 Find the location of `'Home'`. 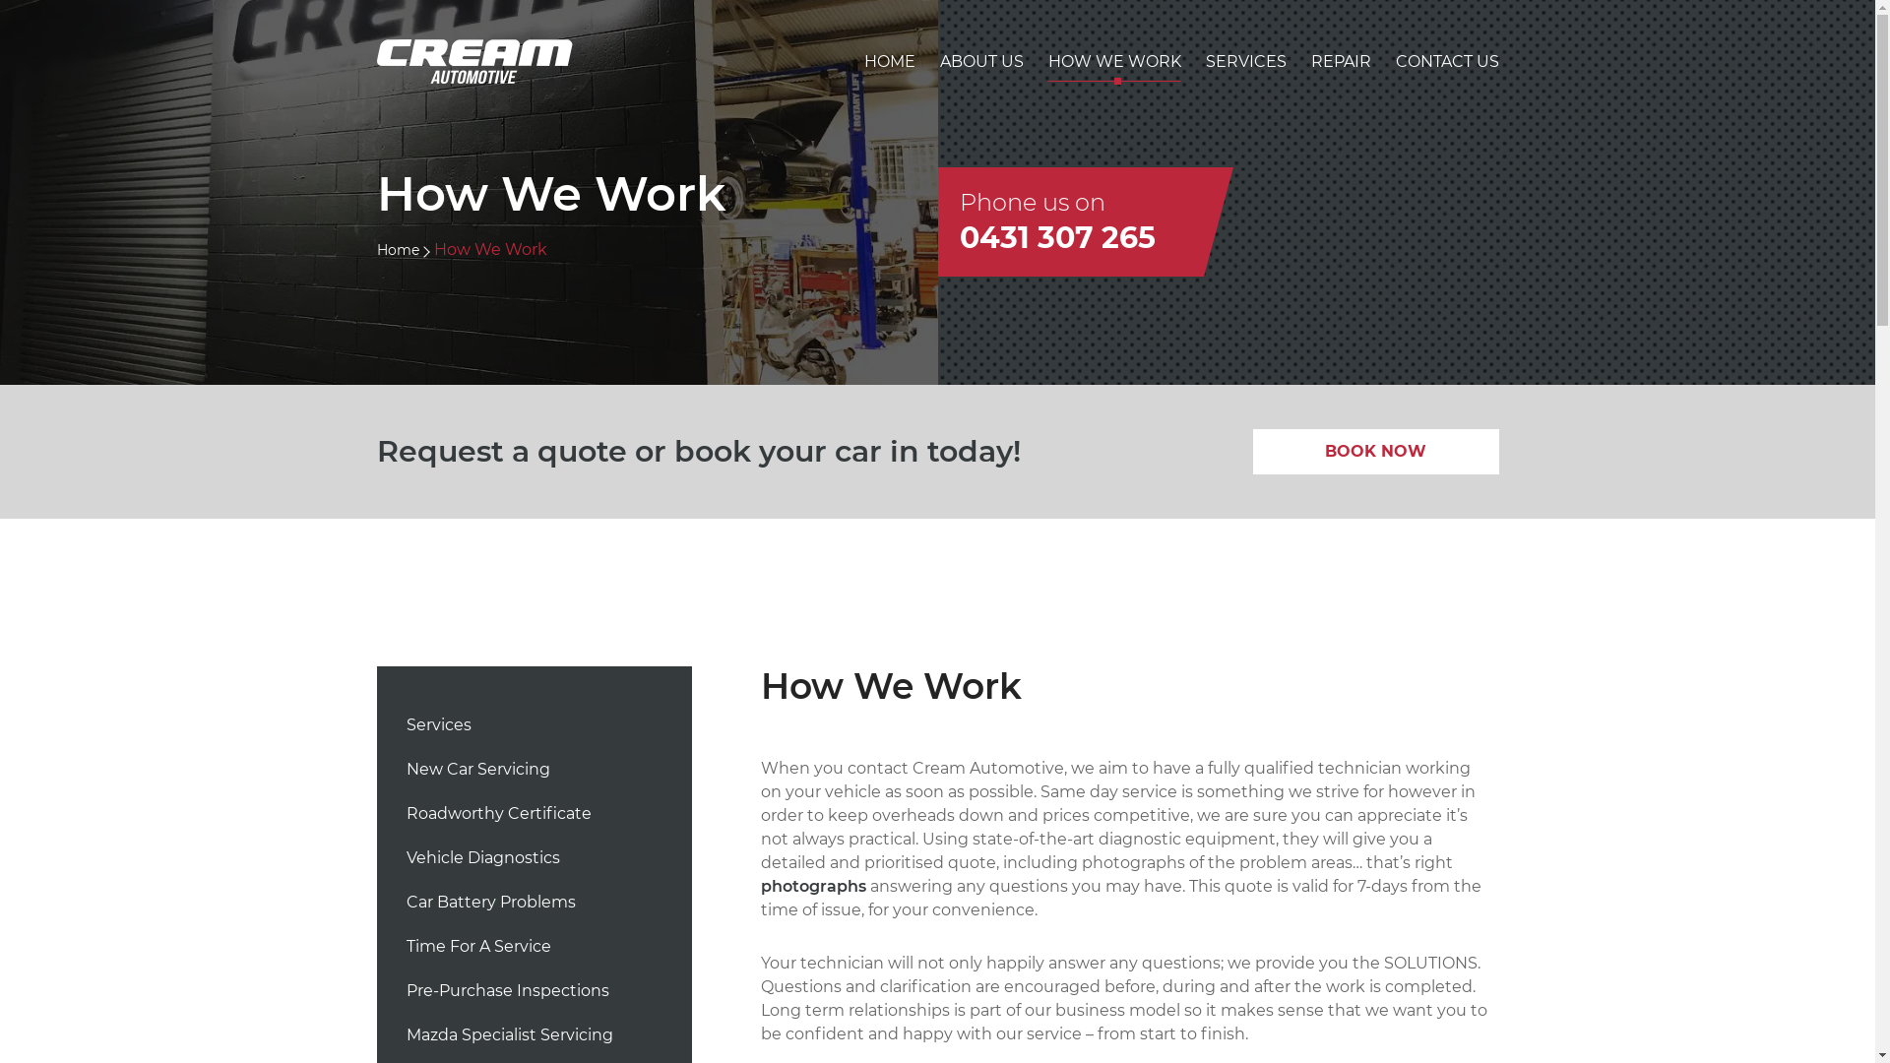

'Home' is located at coordinates (396, 249).